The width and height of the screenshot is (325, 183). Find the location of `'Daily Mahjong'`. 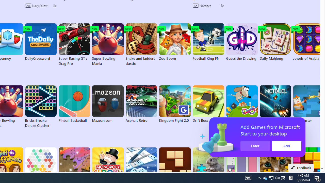

'Daily Mahjong' is located at coordinates (275, 42).